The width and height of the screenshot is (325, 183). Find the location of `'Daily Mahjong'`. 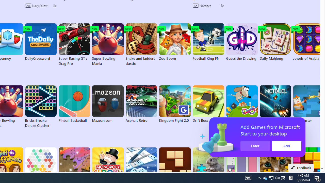

'Daily Mahjong' is located at coordinates (275, 42).